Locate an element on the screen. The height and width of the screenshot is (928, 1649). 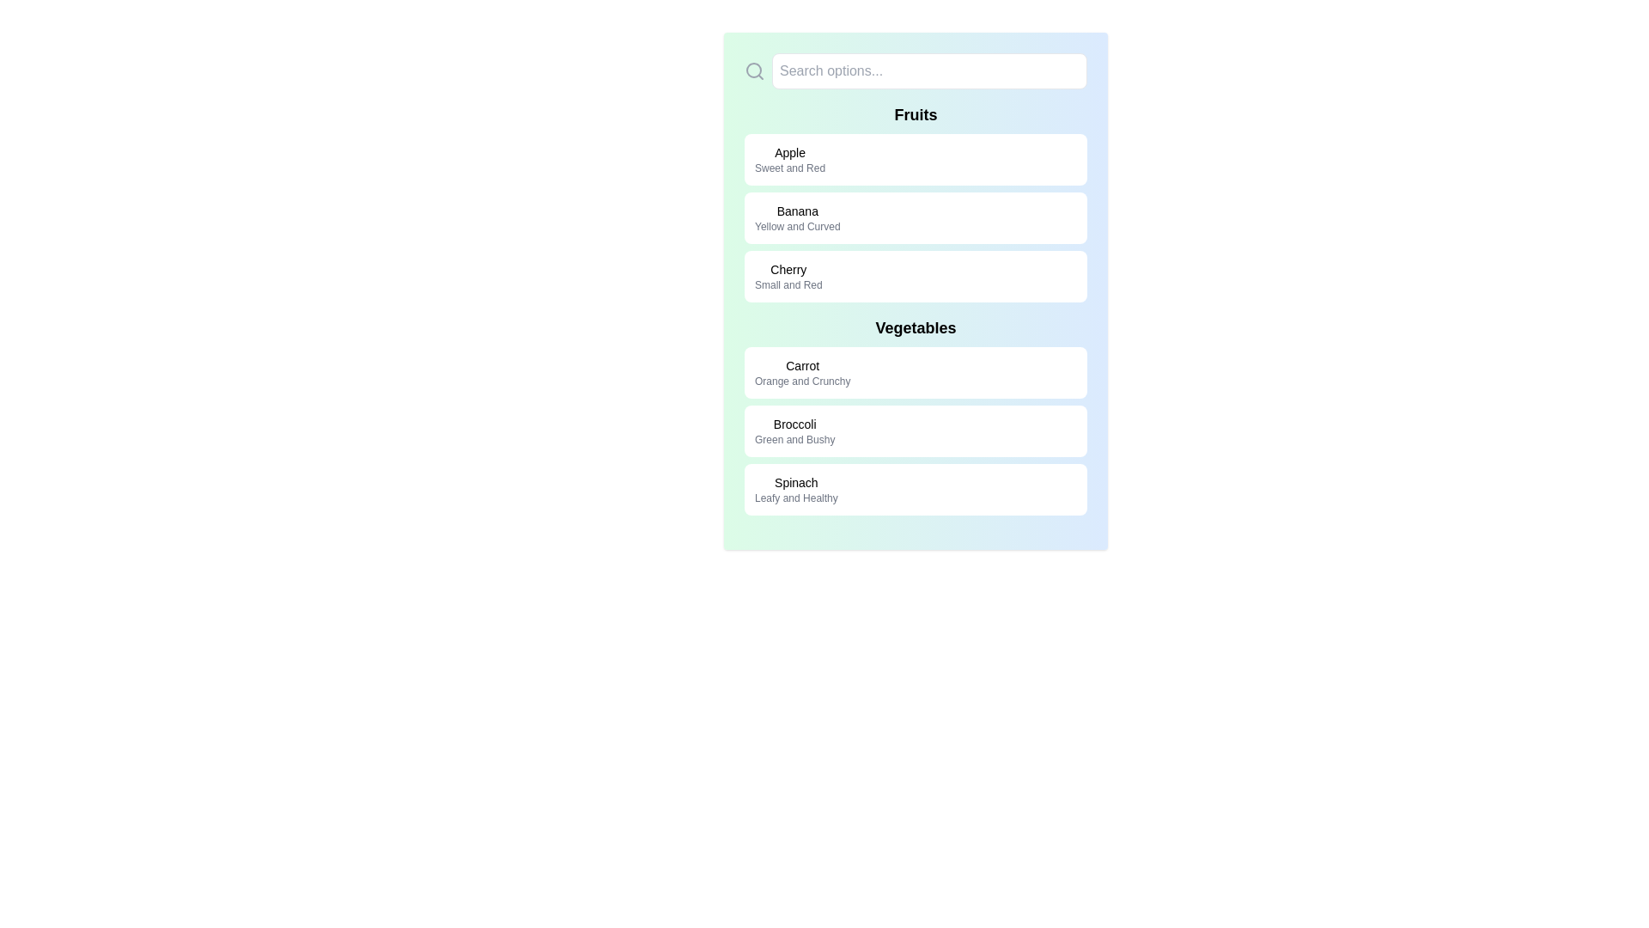
the Text Display showing 'Broccoli' with the description 'Green and Bushy' located in the third card under the 'Vegetables' category is located at coordinates (794, 430).